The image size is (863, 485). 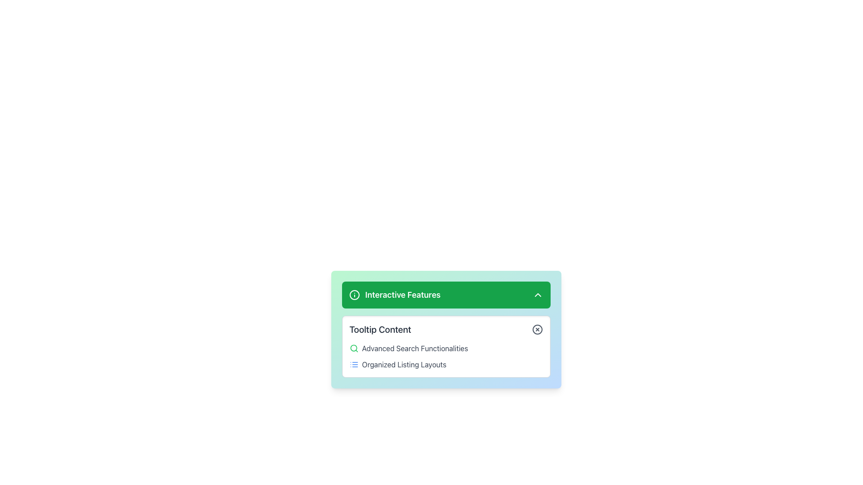 I want to click on the toggle button located at the top-left corner of the card structure, so click(x=446, y=295).